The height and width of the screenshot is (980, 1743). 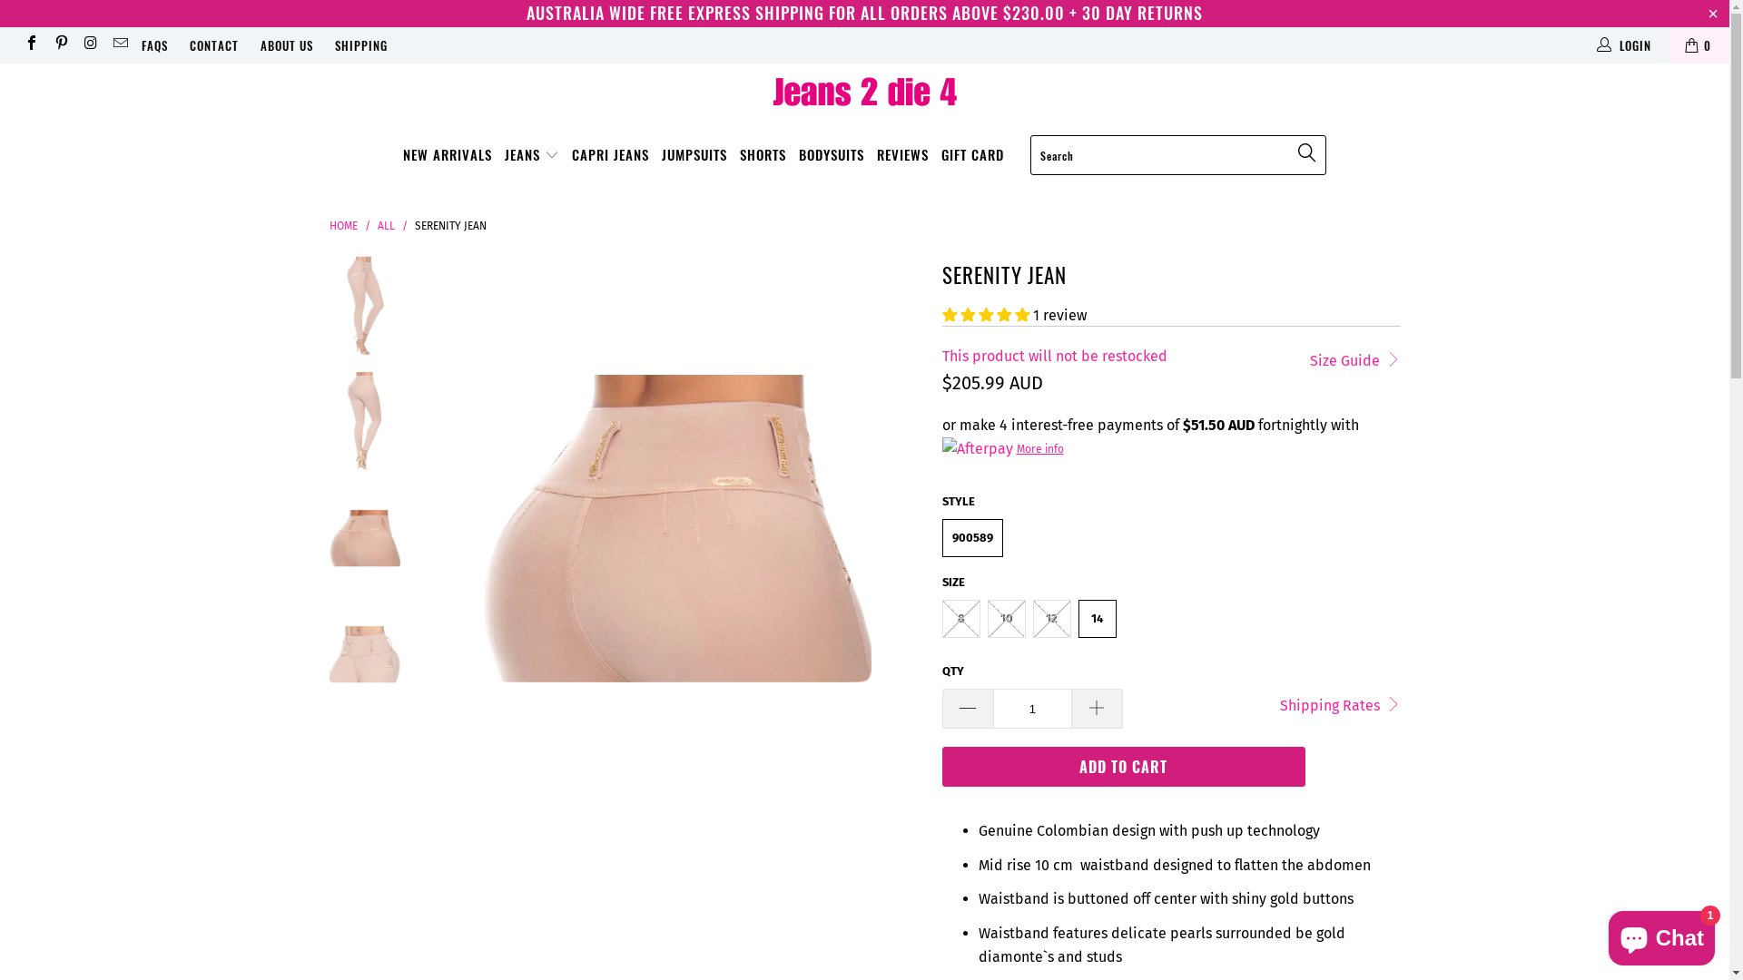 What do you see at coordinates (610, 154) in the screenshot?
I see `'CAPRI JEANS'` at bounding box center [610, 154].